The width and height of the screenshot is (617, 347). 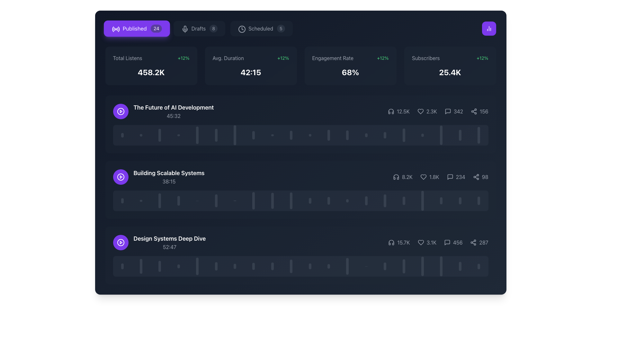 What do you see at coordinates (300, 266) in the screenshot?
I see `the progress bar located at the bottom of the 'Design Systems Deep Dive' card, which displays varying heights of light gray vertical bars on a semi-transparent dark gray background` at bounding box center [300, 266].